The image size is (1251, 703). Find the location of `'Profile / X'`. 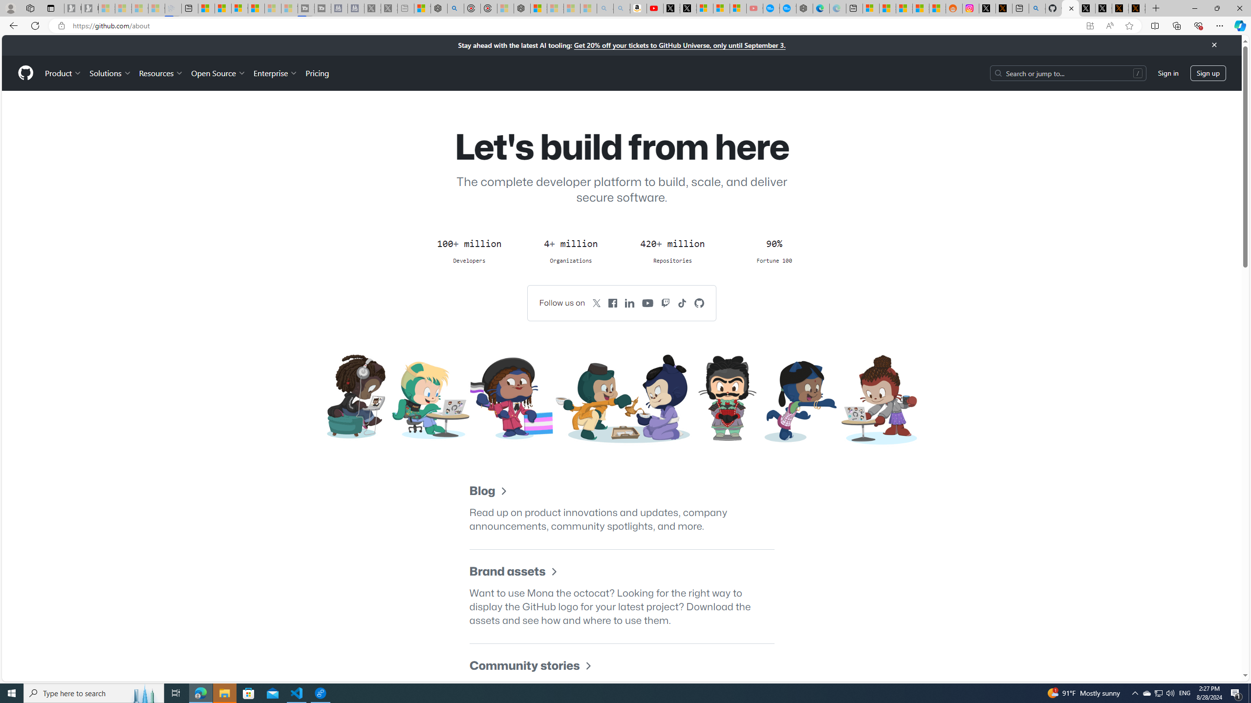

'Profile / X' is located at coordinates (1086, 8).